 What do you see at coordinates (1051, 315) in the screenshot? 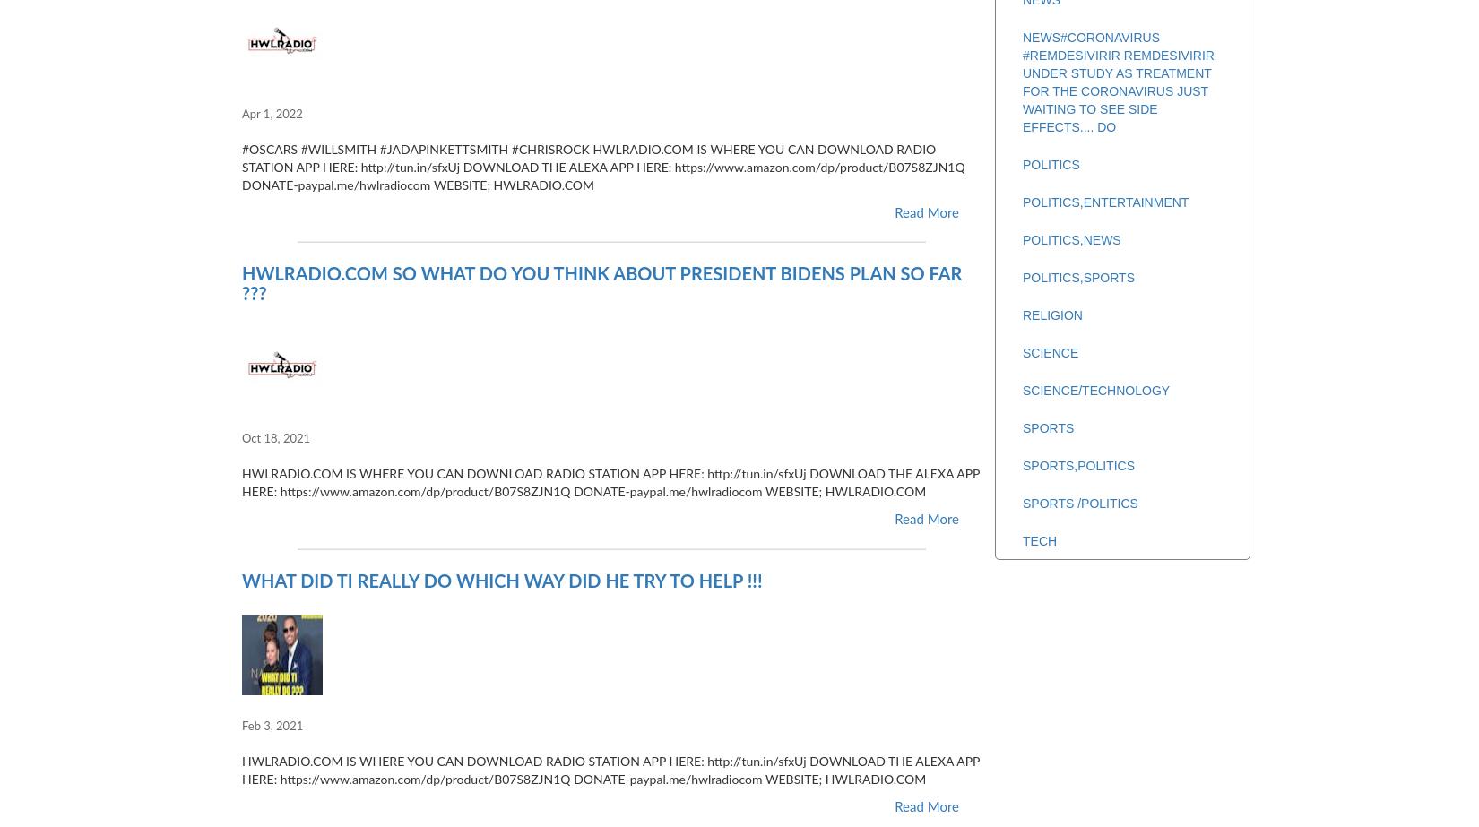
I see `'RELIGION'` at bounding box center [1051, 315].